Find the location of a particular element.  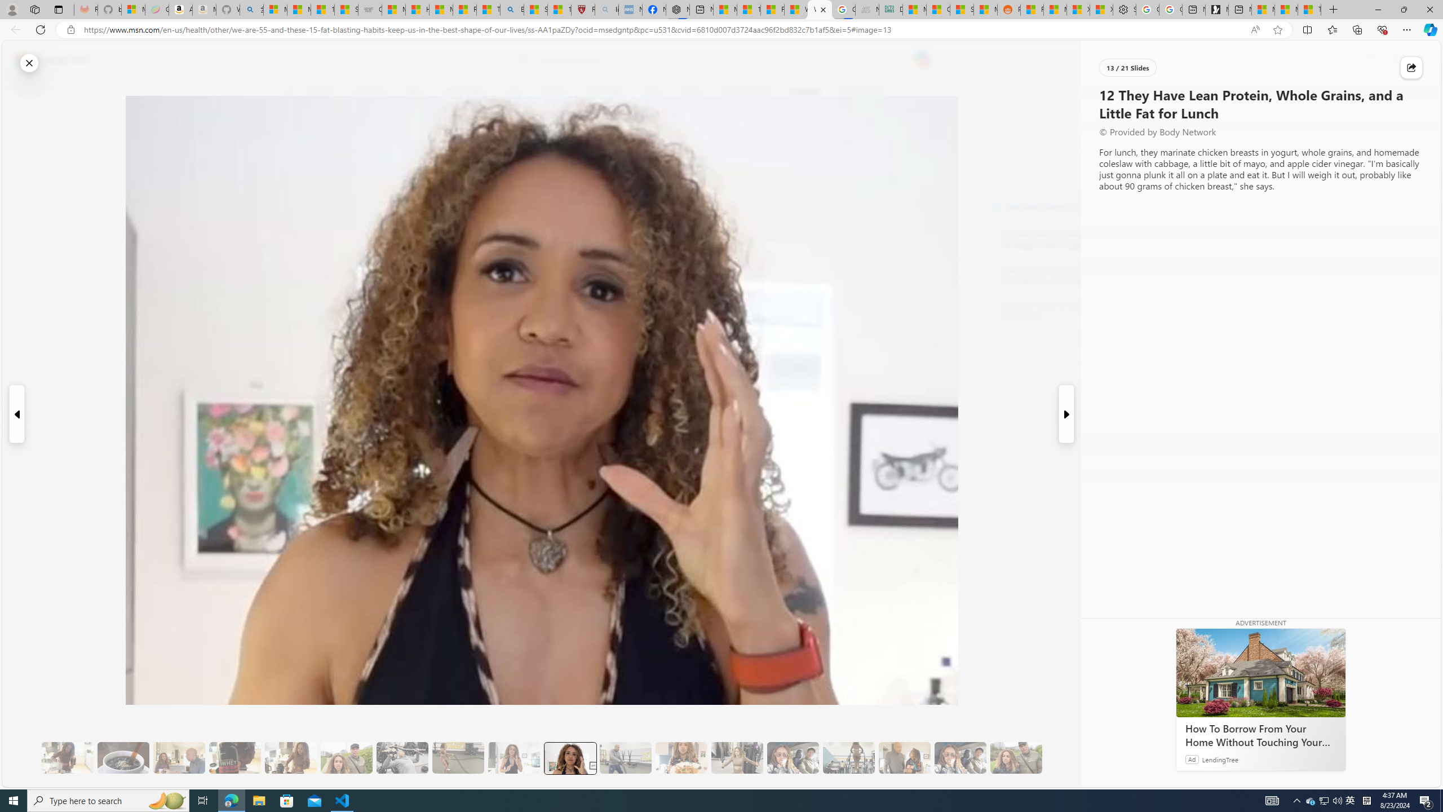

'8 They Walk to the Gym' is located at coordinates (346, 758).